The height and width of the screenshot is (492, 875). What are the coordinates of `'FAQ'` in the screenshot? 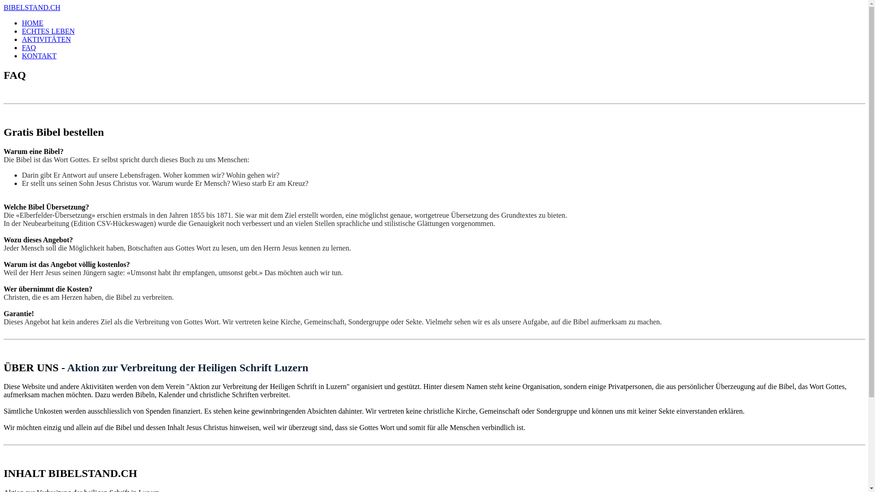 It's located at (29, 47).